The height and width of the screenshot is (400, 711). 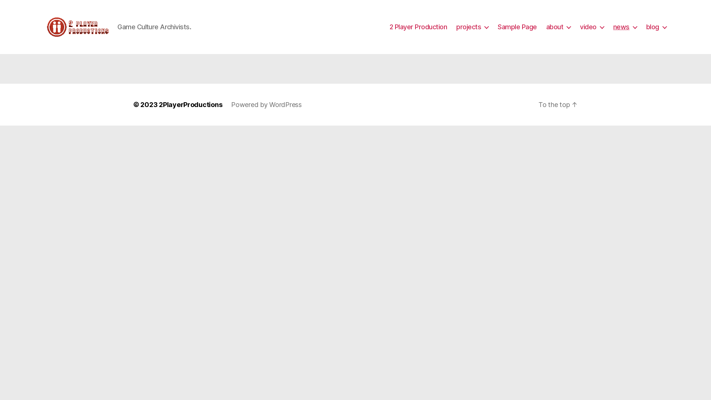 What do you see at coordinates (625, 27) in the screenshot?
I see `'news'` at bounding box center [625, 27].